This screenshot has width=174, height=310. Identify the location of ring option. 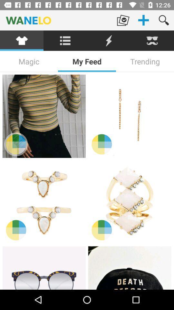
(43, 201).